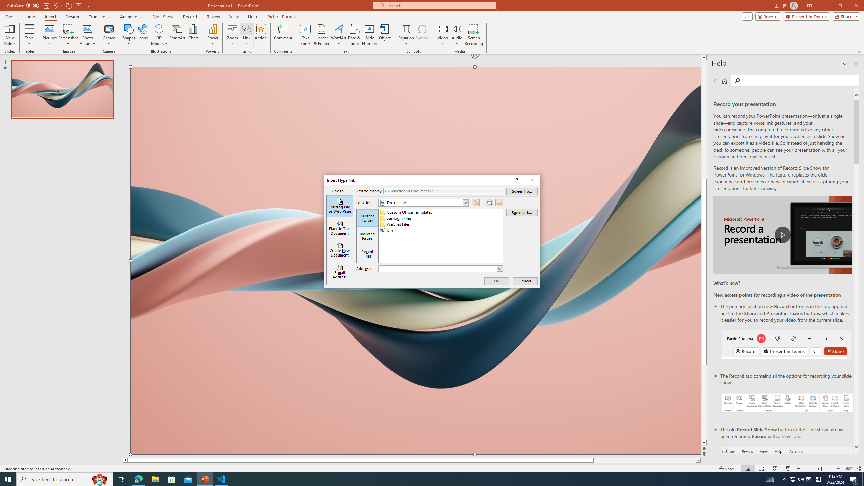 This screenshot has height=486, width=864. I want to click on 'Recent Files', so click(367, 253).